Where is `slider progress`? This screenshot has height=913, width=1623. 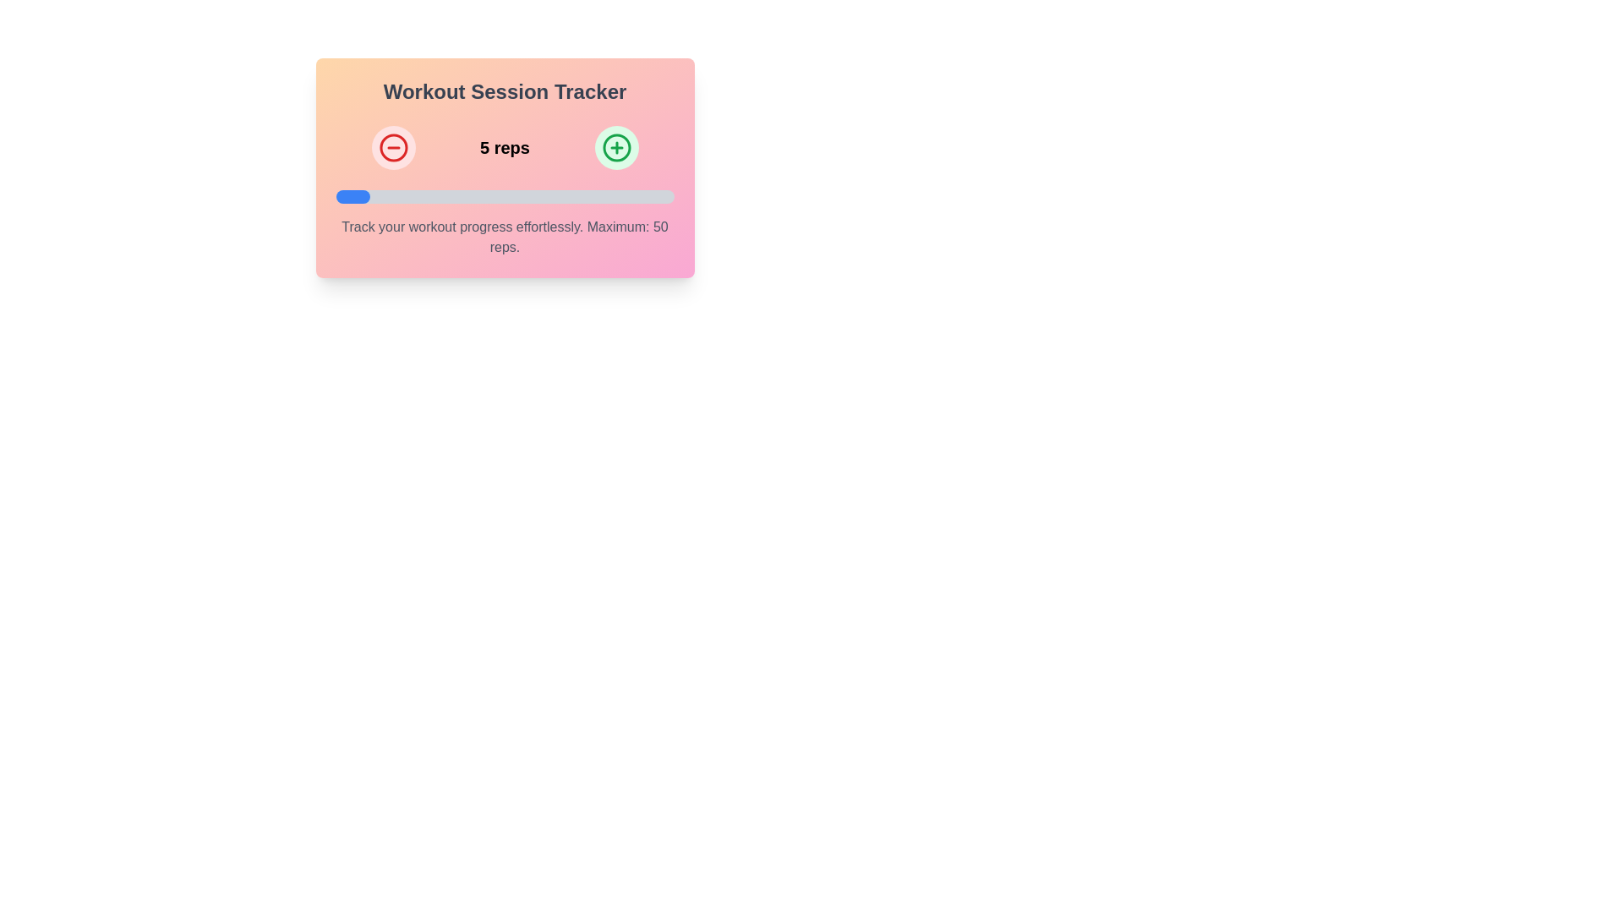
slider progress is located at coordinates (382, 195).